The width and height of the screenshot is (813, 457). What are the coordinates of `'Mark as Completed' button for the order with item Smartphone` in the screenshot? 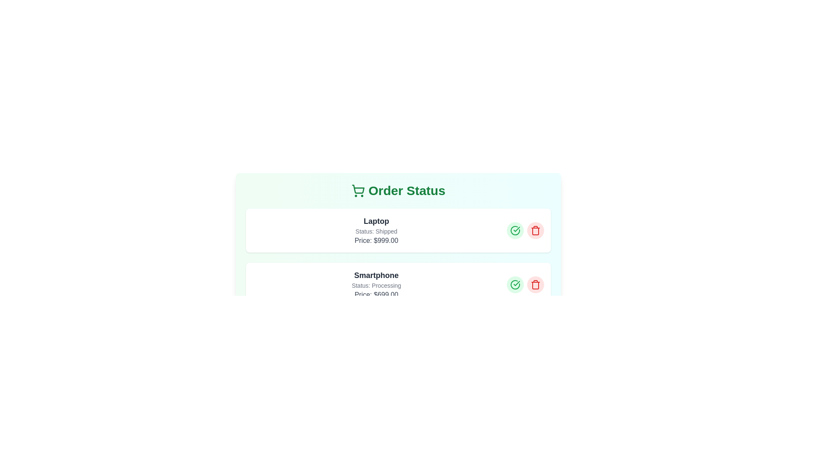 It's located at (515, 284).